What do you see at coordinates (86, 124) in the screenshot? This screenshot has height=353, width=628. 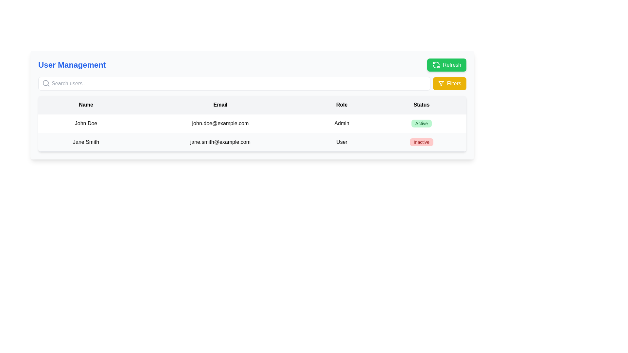 I see `the text label representing the user name` at bounding box center [86, 124].